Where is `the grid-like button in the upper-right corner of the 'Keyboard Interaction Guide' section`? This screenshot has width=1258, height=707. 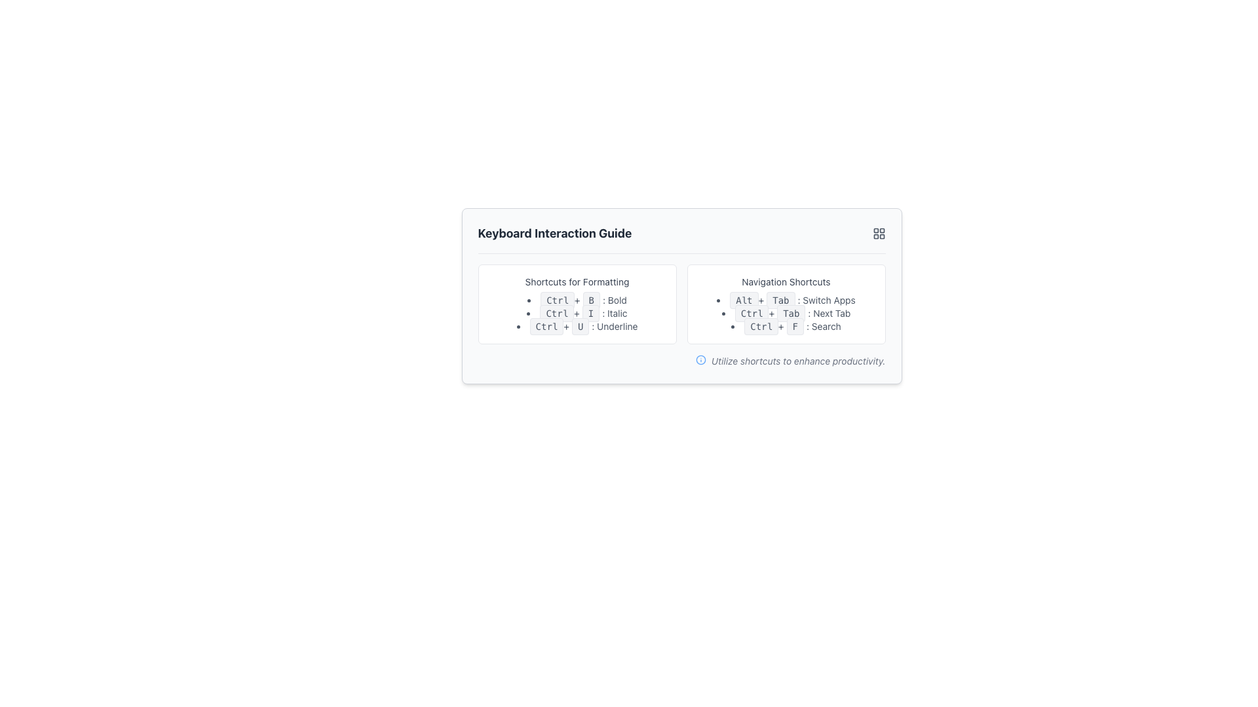 the grid-like button in the upper-right corner of the 'Keyboard Interaction Guide' section is located at coordinates (879, 233).